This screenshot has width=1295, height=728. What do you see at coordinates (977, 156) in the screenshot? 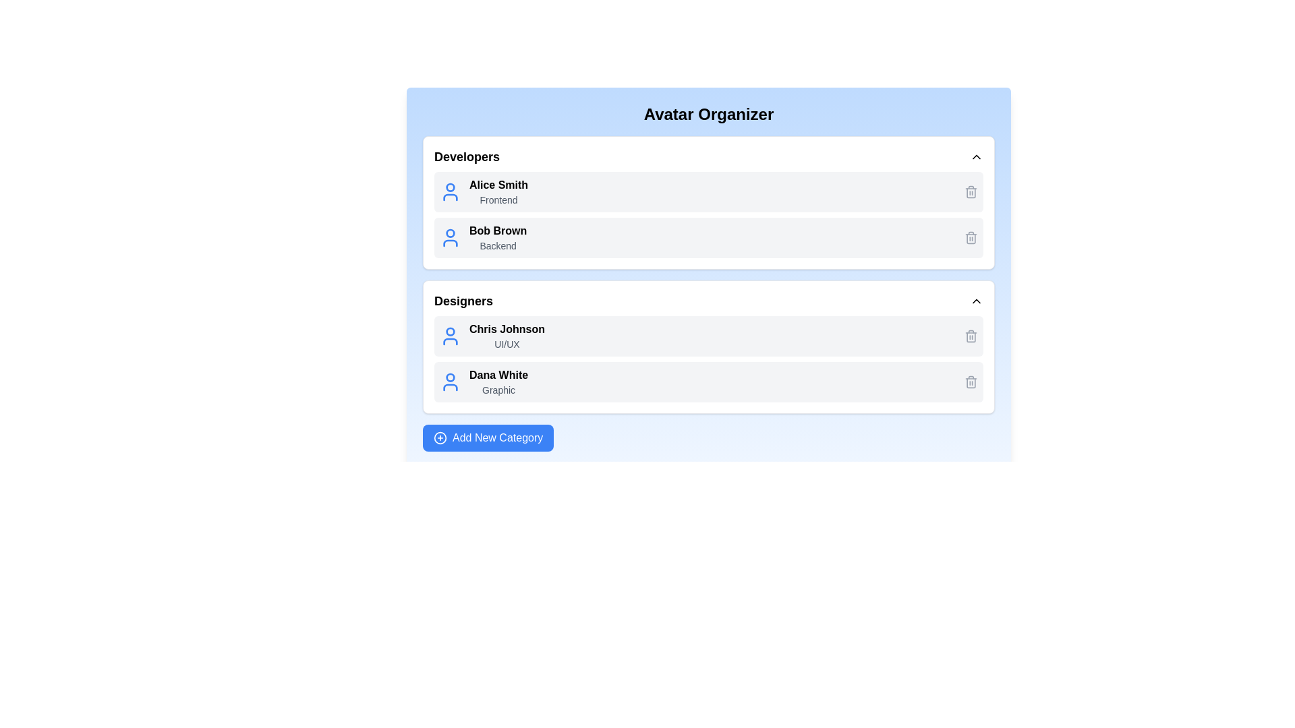
I see `the upward-facing chevron icon located to the far right of the 'Developers' header` at bounding box center [977, 156].